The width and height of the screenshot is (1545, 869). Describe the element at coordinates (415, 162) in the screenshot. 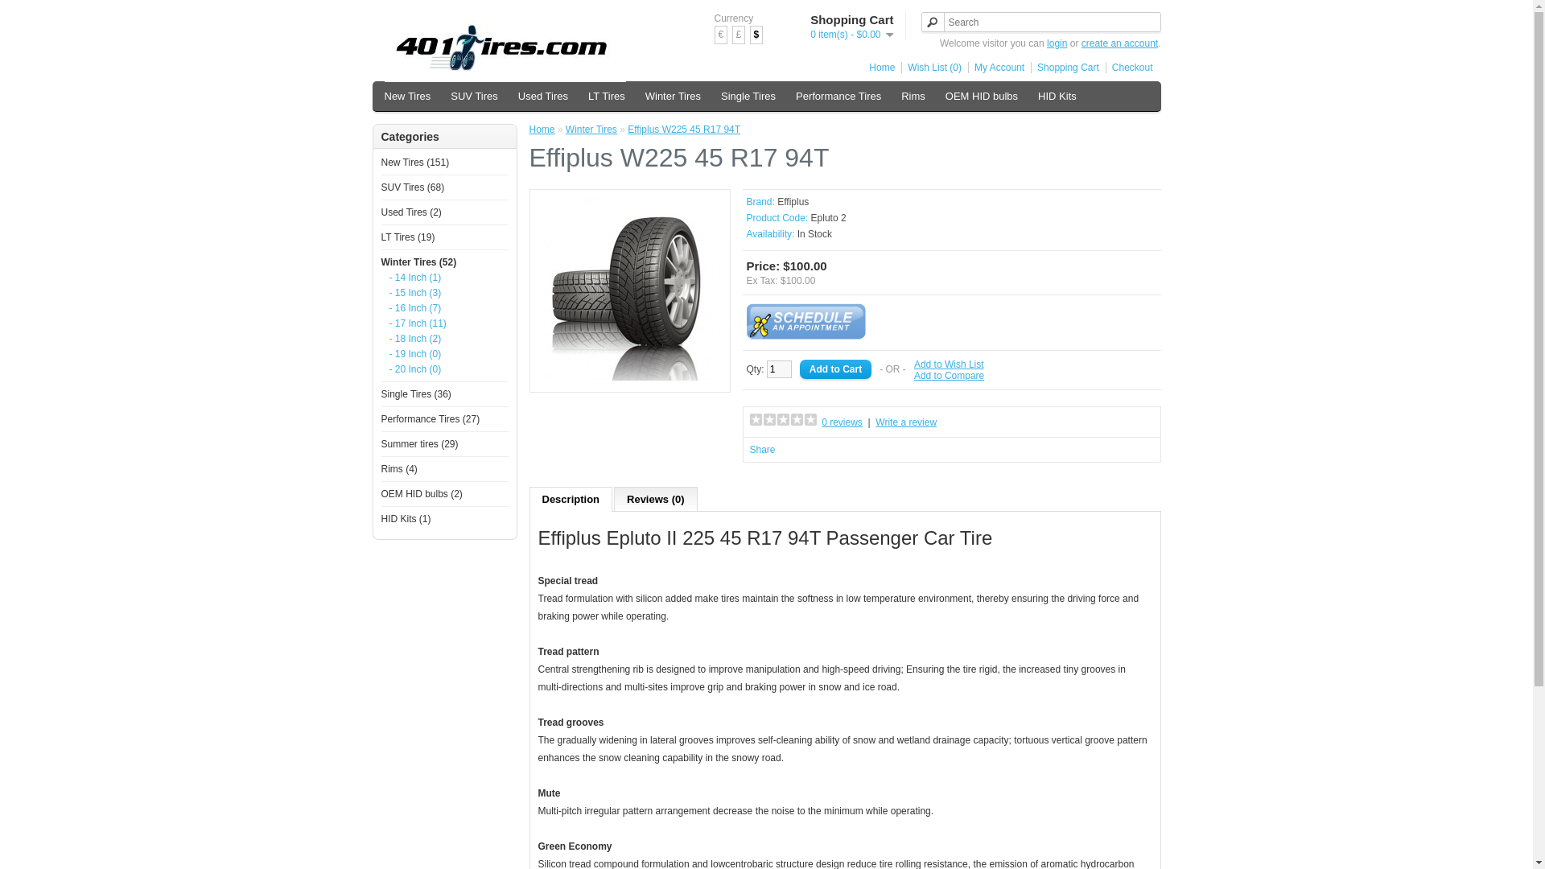

I see `'New Tires (151)'` at that location.